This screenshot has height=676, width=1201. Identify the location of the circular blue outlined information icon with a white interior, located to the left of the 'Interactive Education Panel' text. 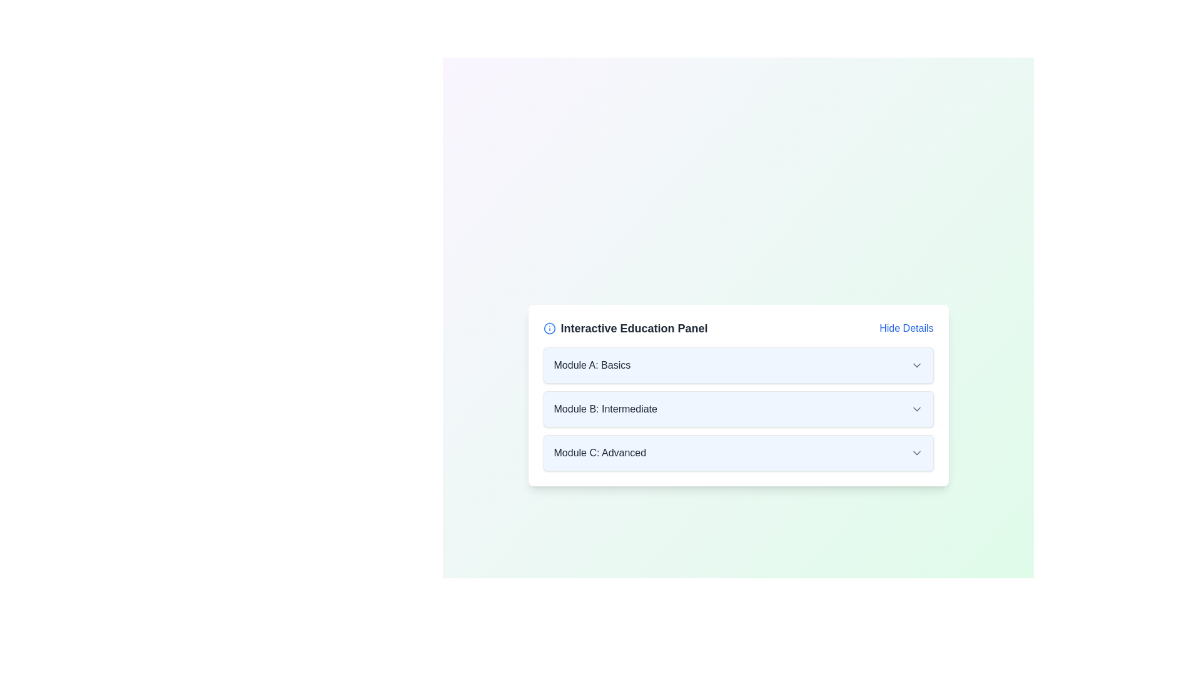
(549, 327).